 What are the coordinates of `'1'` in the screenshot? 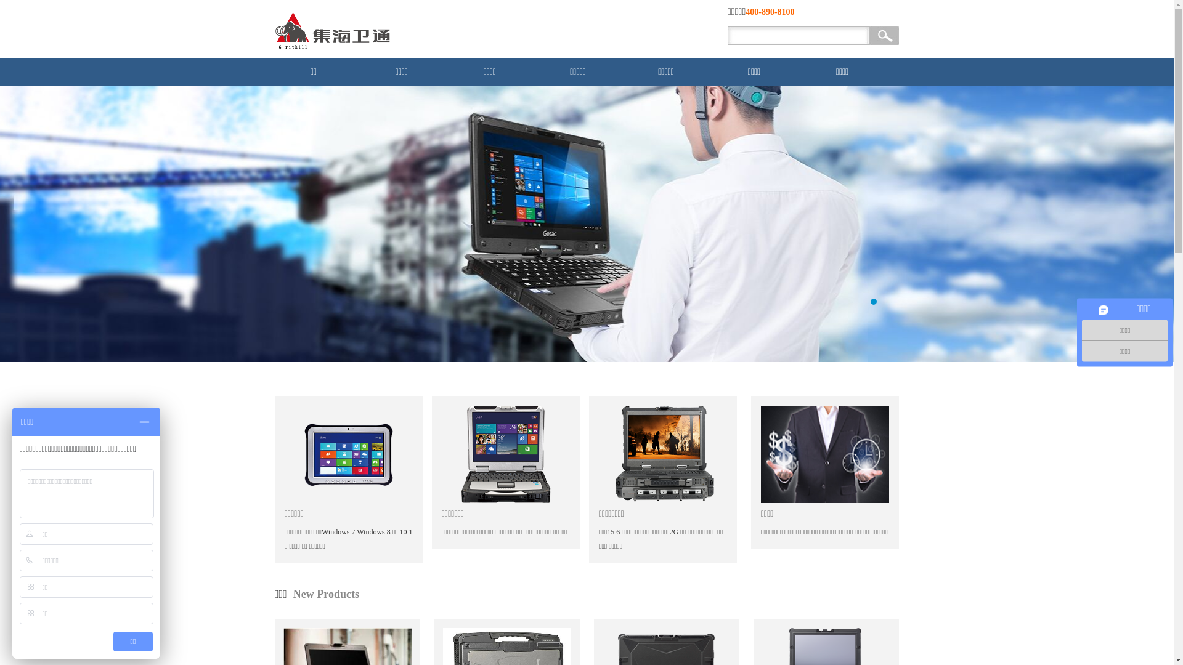 It's located at (872, 301).